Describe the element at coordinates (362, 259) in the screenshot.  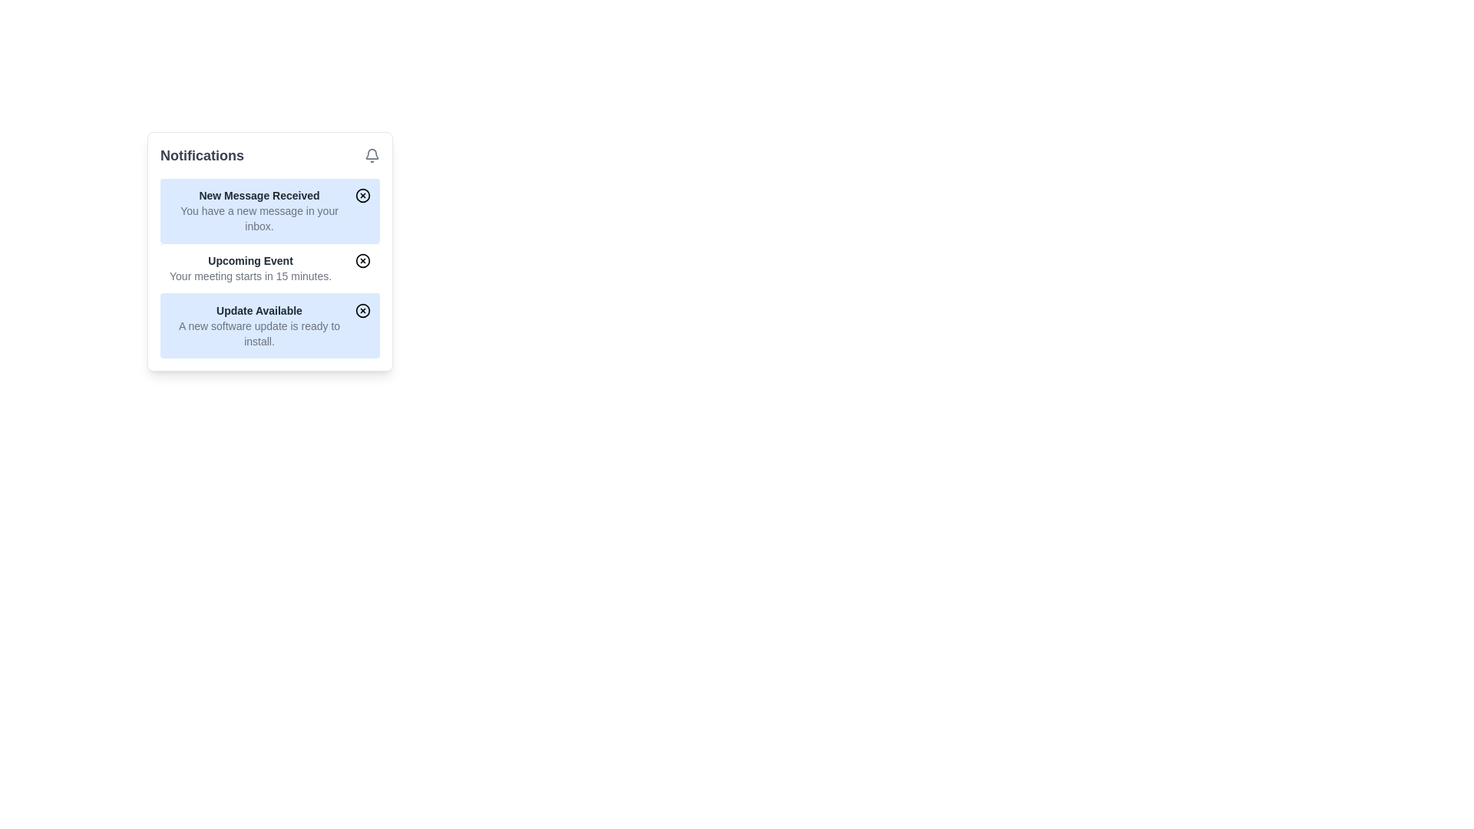
I see `the inner circular part of the icon used to dismiss or interact with the notification labeled 'Upcoming Event', located to the right of the text in the second notification row` at that location.